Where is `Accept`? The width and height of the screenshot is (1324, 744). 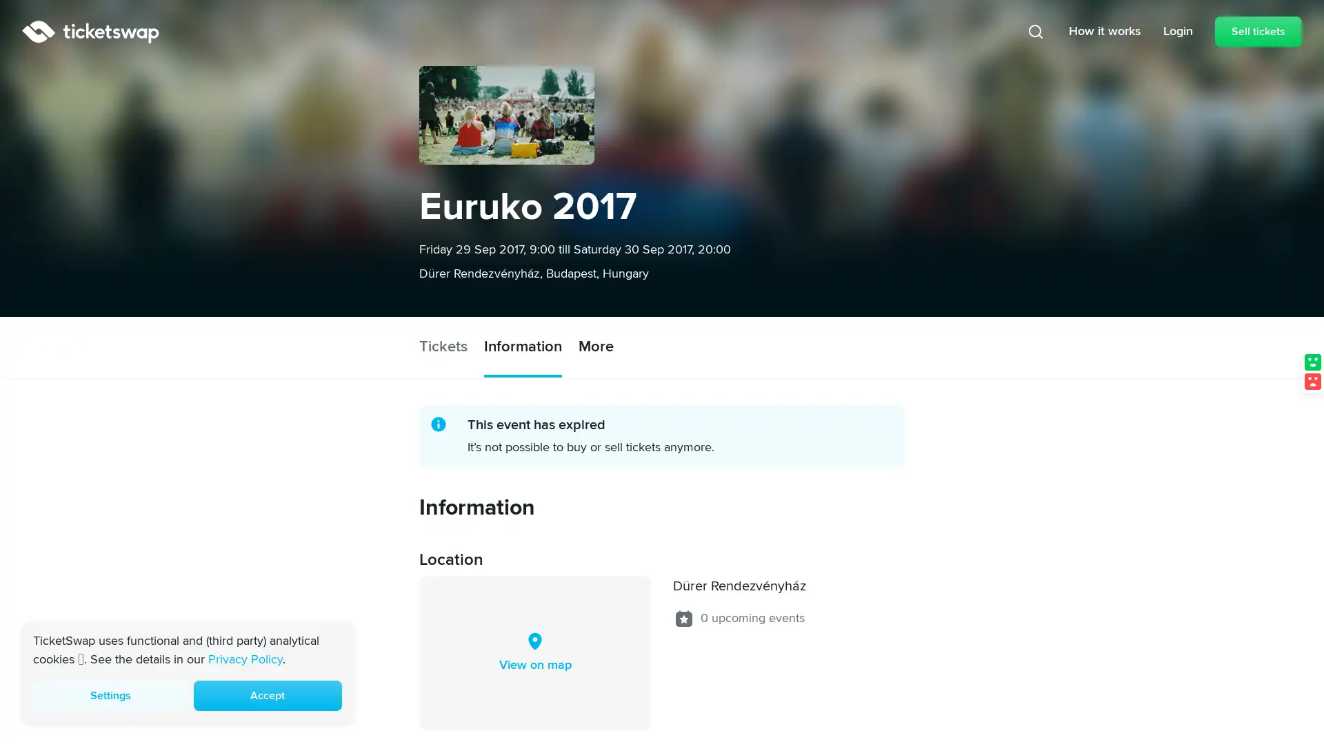
Accept is located at coordinates (268, 696).